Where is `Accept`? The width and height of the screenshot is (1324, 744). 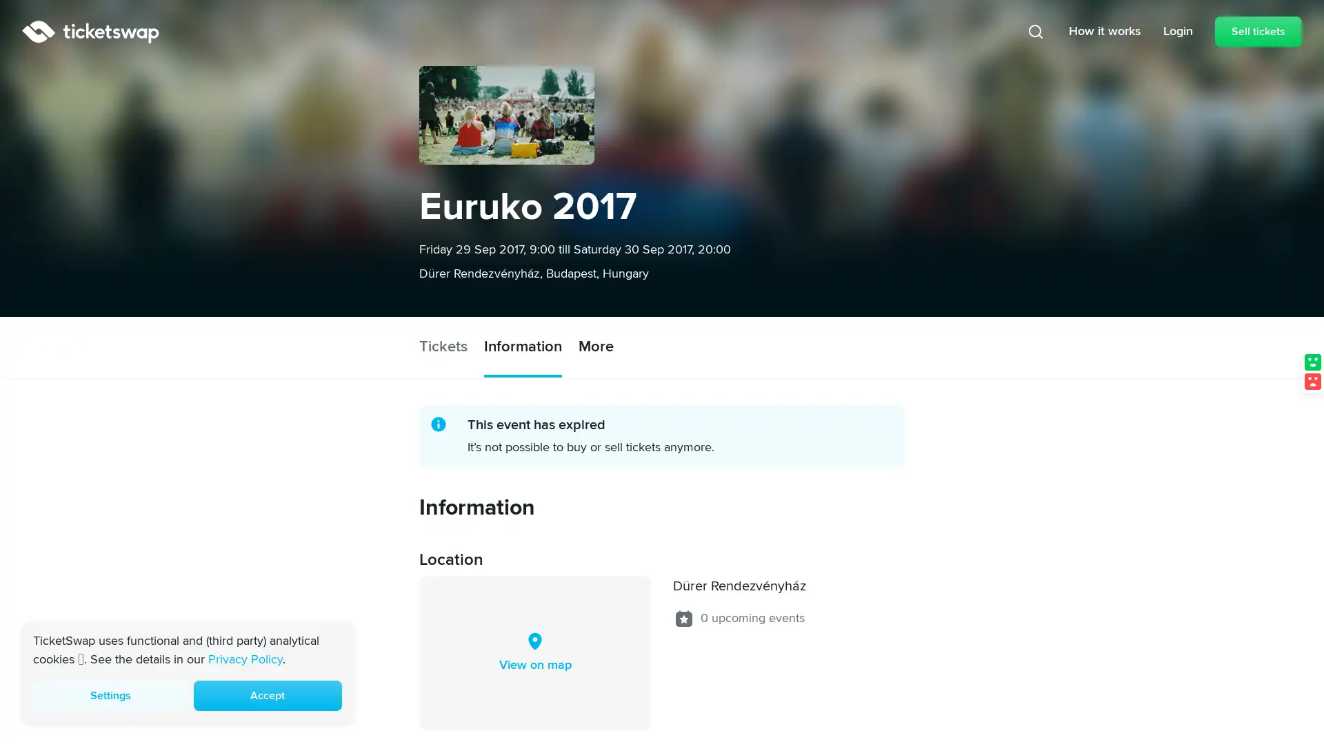
Accept is located at coordinates (268, 696).